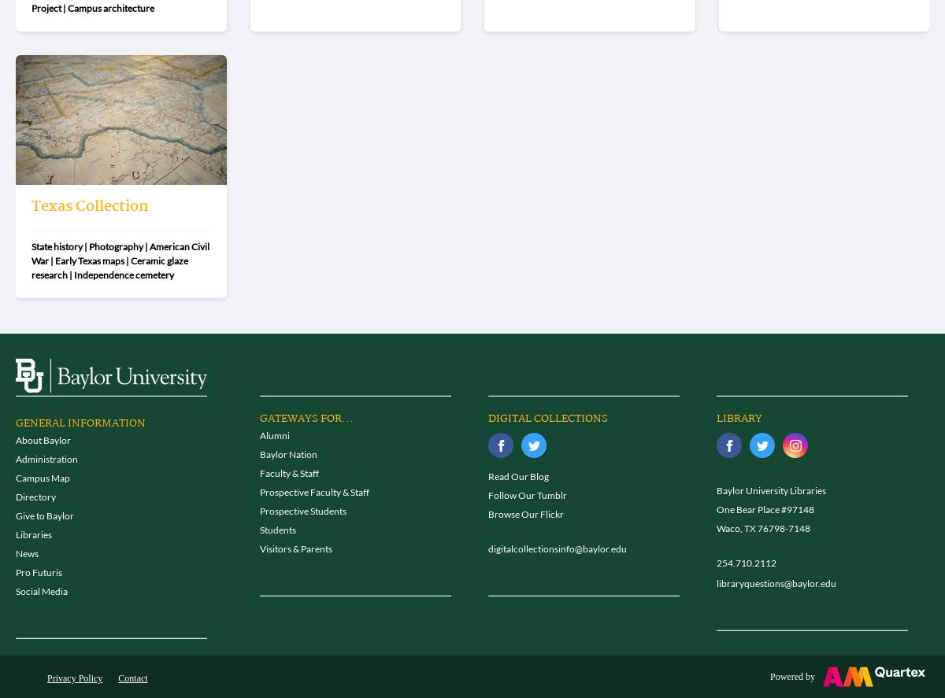 The height and width of the screenshot is (698, 945). Describe the element at coordinates (90, 205) in the screenshot. I see `'Texas Collection'` at that location.